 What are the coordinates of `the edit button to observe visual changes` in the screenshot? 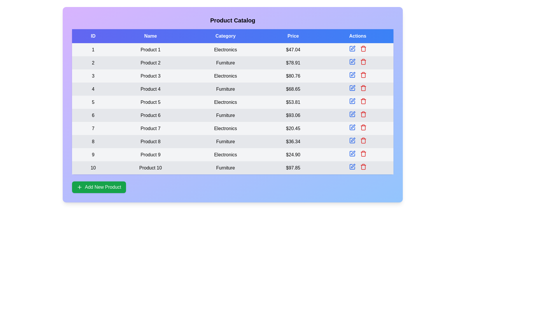 It's located at (352, 48).